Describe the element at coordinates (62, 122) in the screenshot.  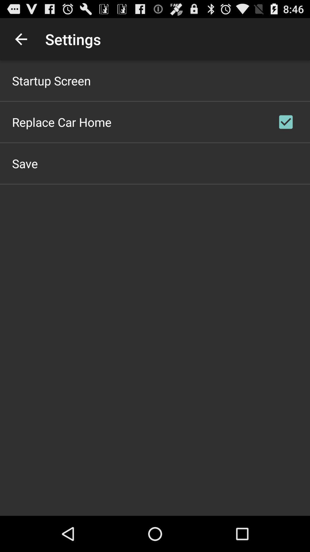
I see `replace car home app` at that location.